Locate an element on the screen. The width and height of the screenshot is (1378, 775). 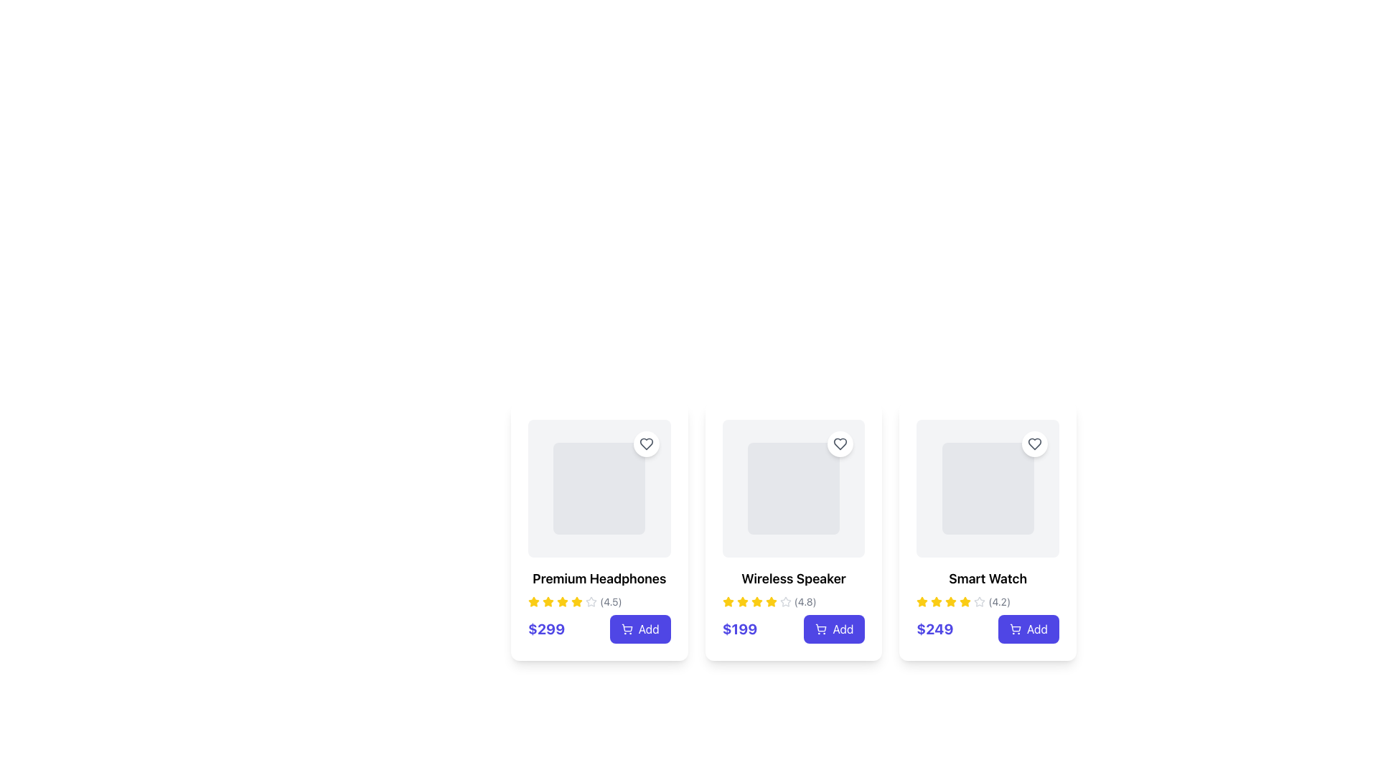
the interactive heart-shaped icon located at the top-right corner of the Smart Watch product card to mark the item as favorite is located at coordinates (1034, 443).